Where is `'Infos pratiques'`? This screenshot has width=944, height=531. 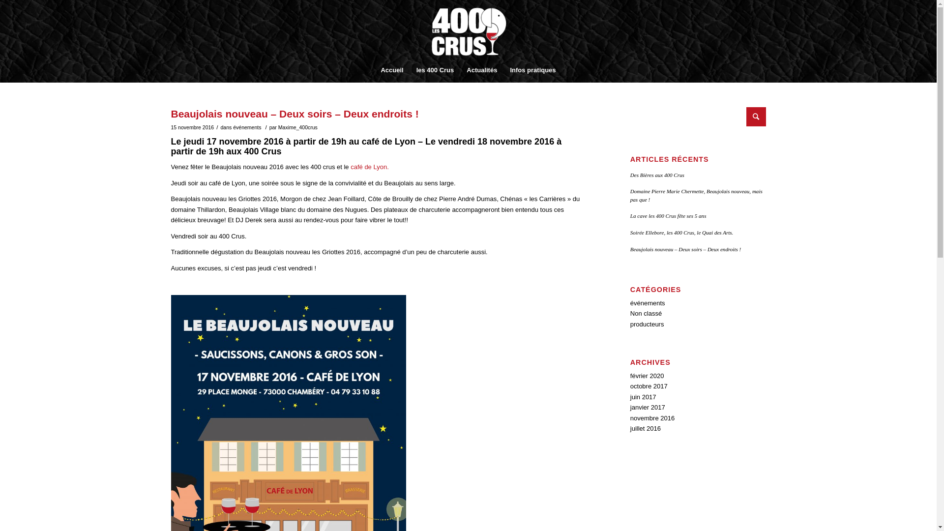
'Infos pratiques' is located at coordinates (532, 69).